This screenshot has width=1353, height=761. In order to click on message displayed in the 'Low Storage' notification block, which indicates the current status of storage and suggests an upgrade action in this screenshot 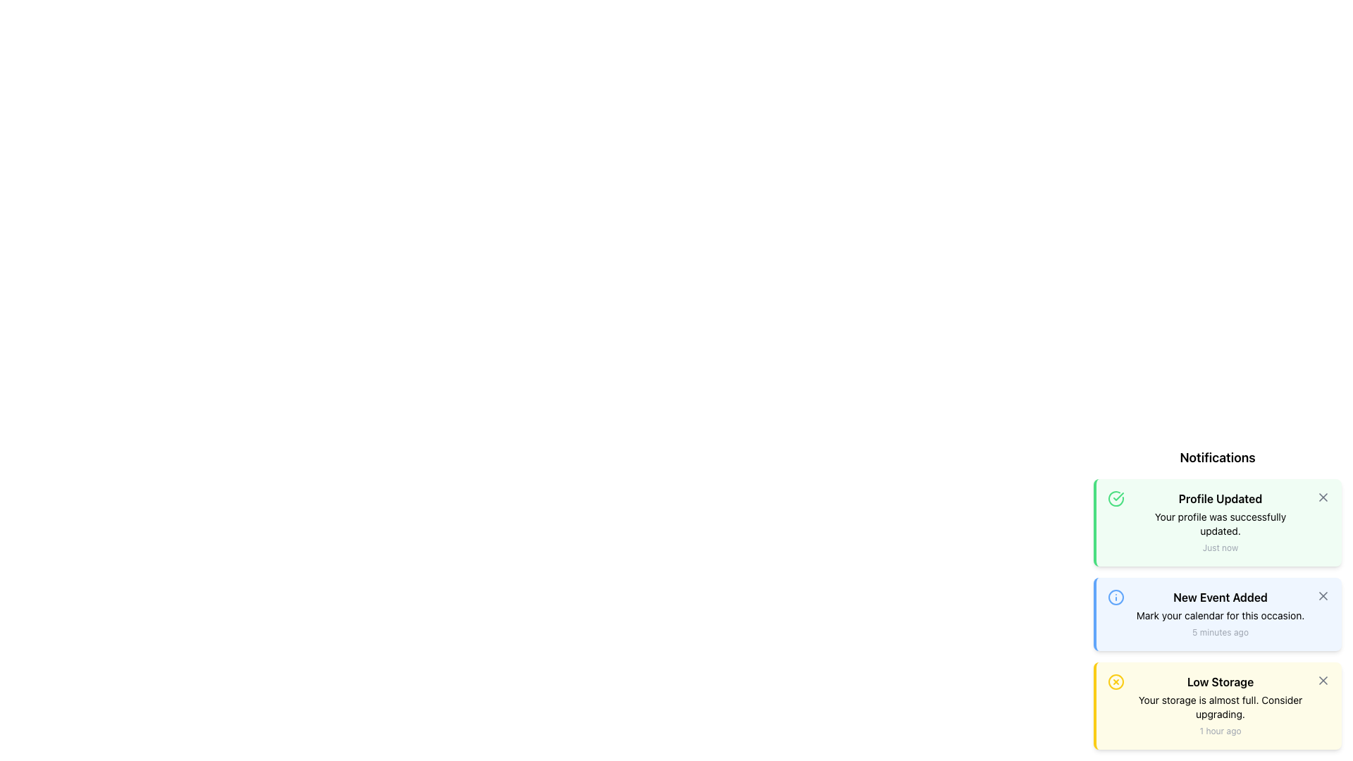, I will do `click(1220, 707)`.